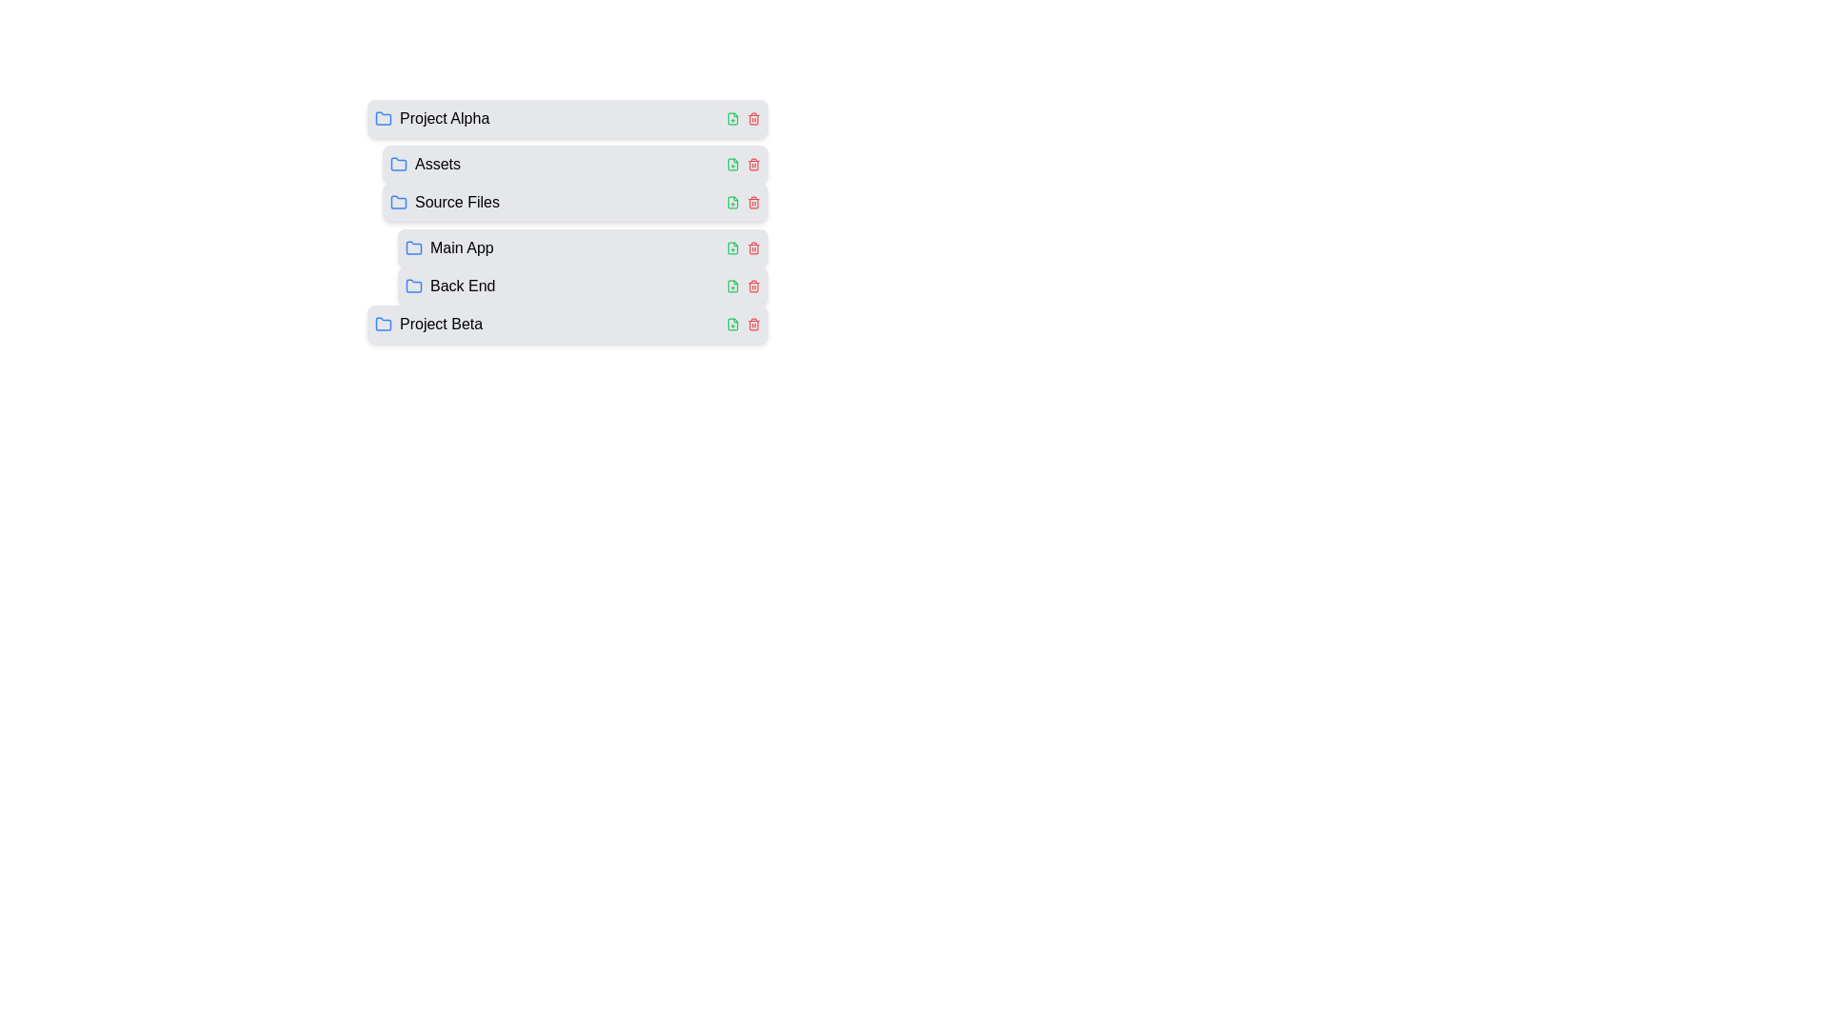  What do you see at coordinates (444, 202) in the screenshot?
I see `the labeled icon representing 'Source Files', which is the second item in the vertical list below 'Assets' and above 'Main App'` at bounding box center [444, 202].